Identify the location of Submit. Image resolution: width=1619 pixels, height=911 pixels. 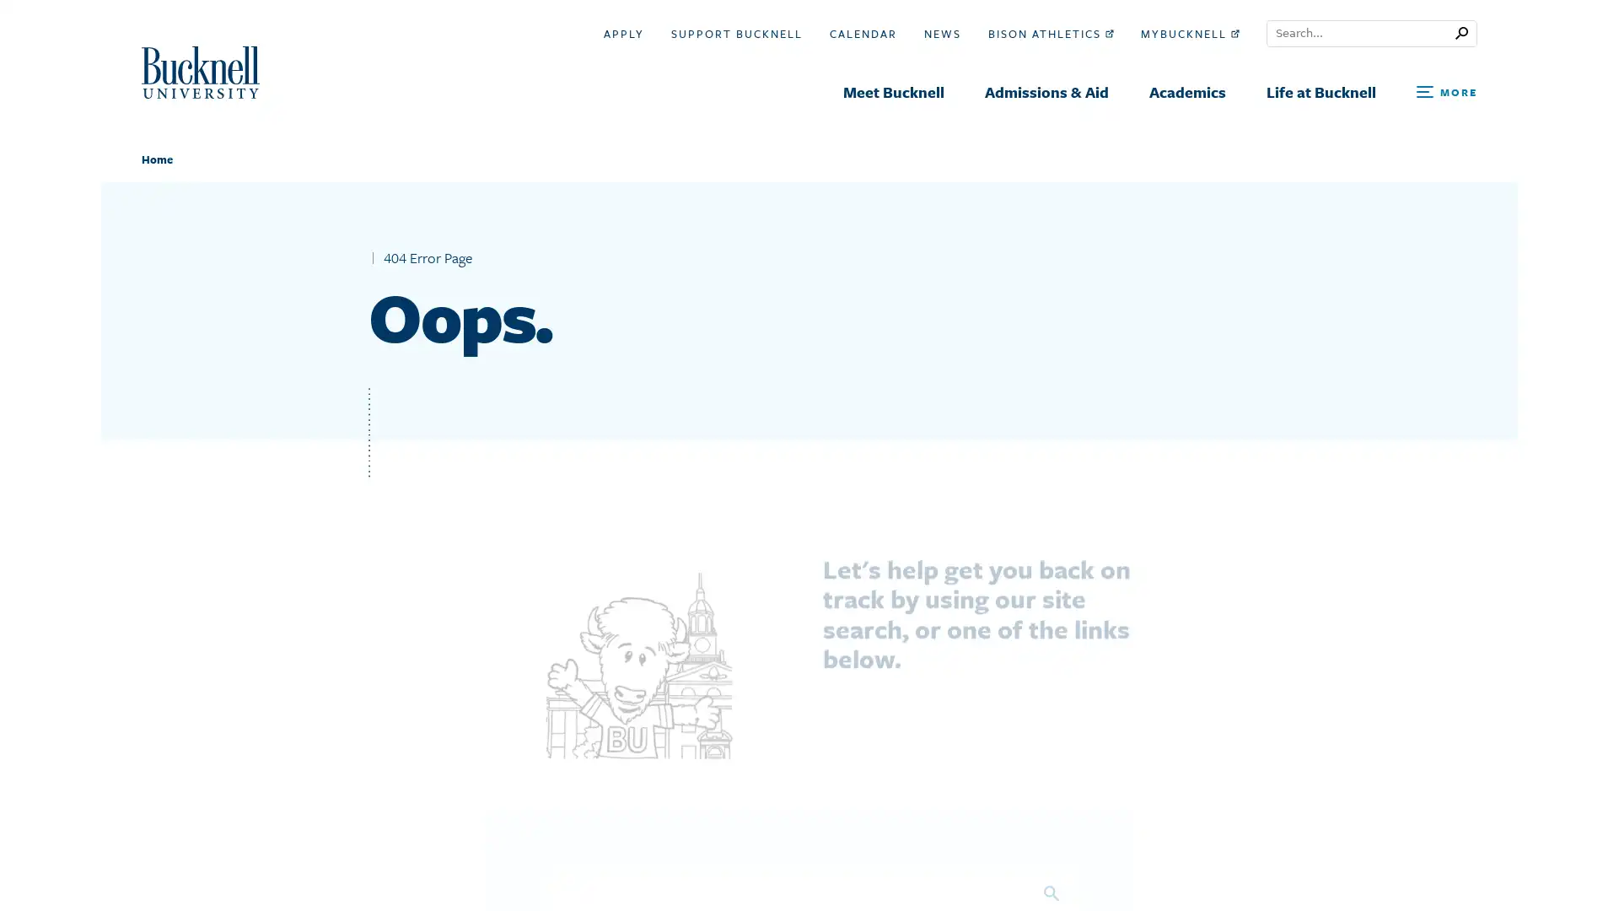
(1465, 33).